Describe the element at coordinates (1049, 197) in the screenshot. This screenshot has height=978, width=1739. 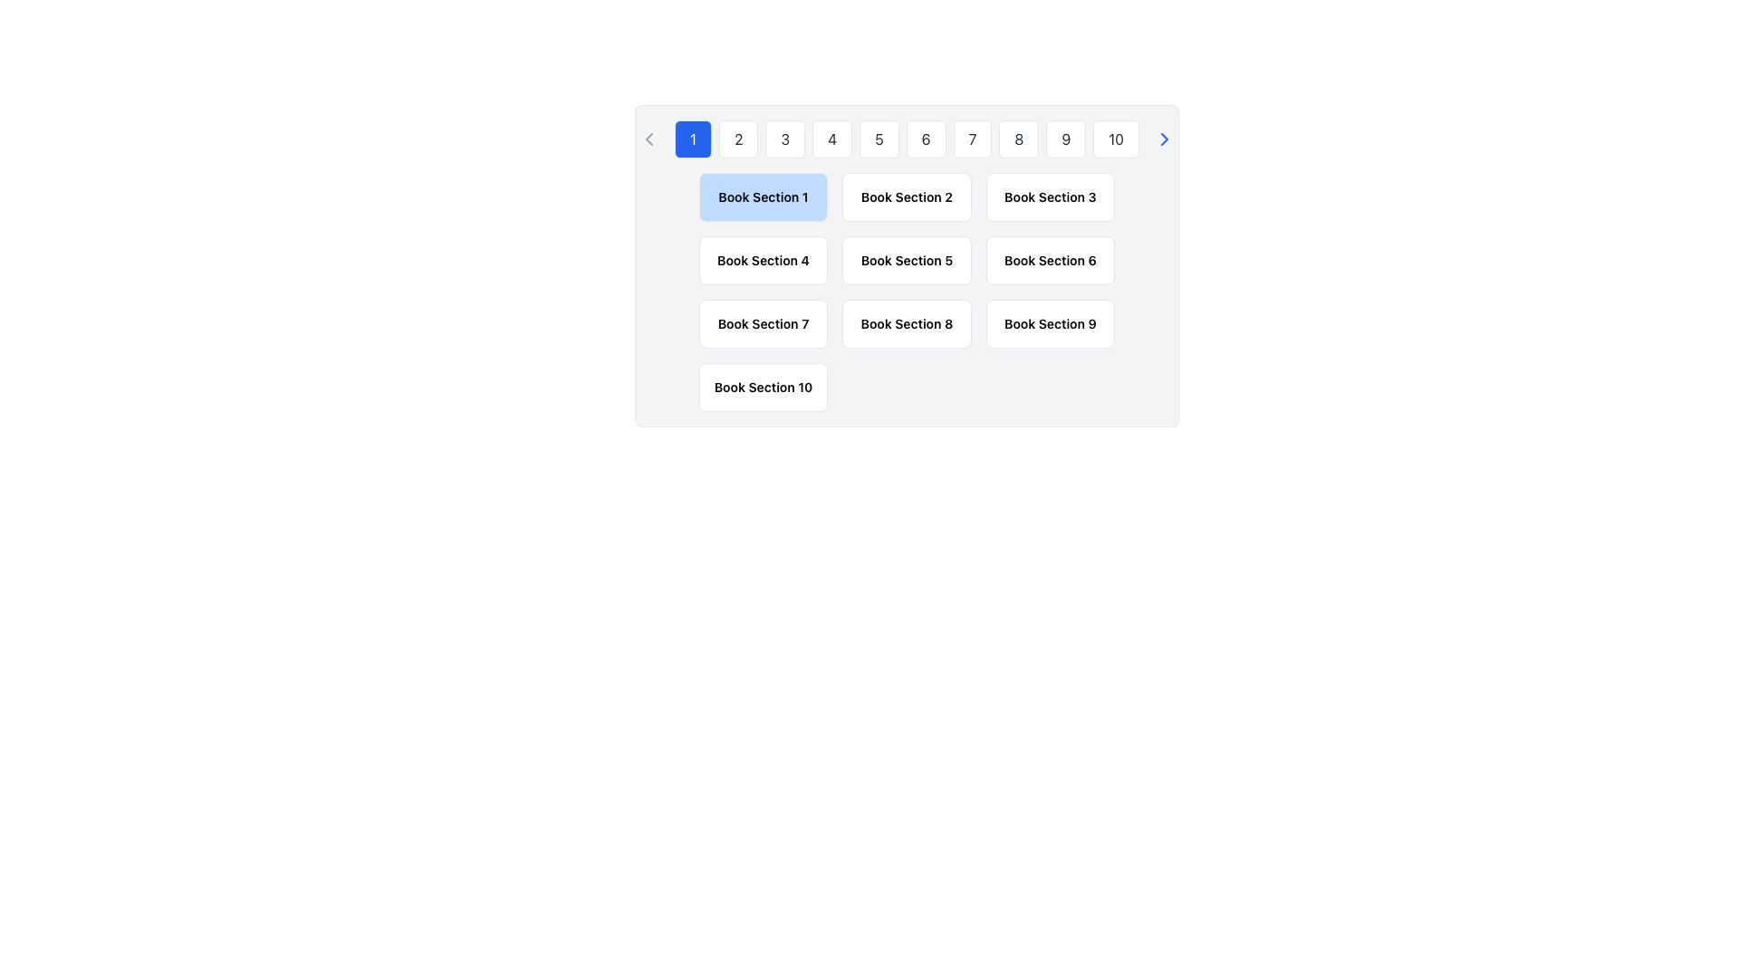
I see `the 'Book Section 3' button, which is a rectangular button with a white background and rounded corners, located in the top row, third column of a grid layout` at that location.